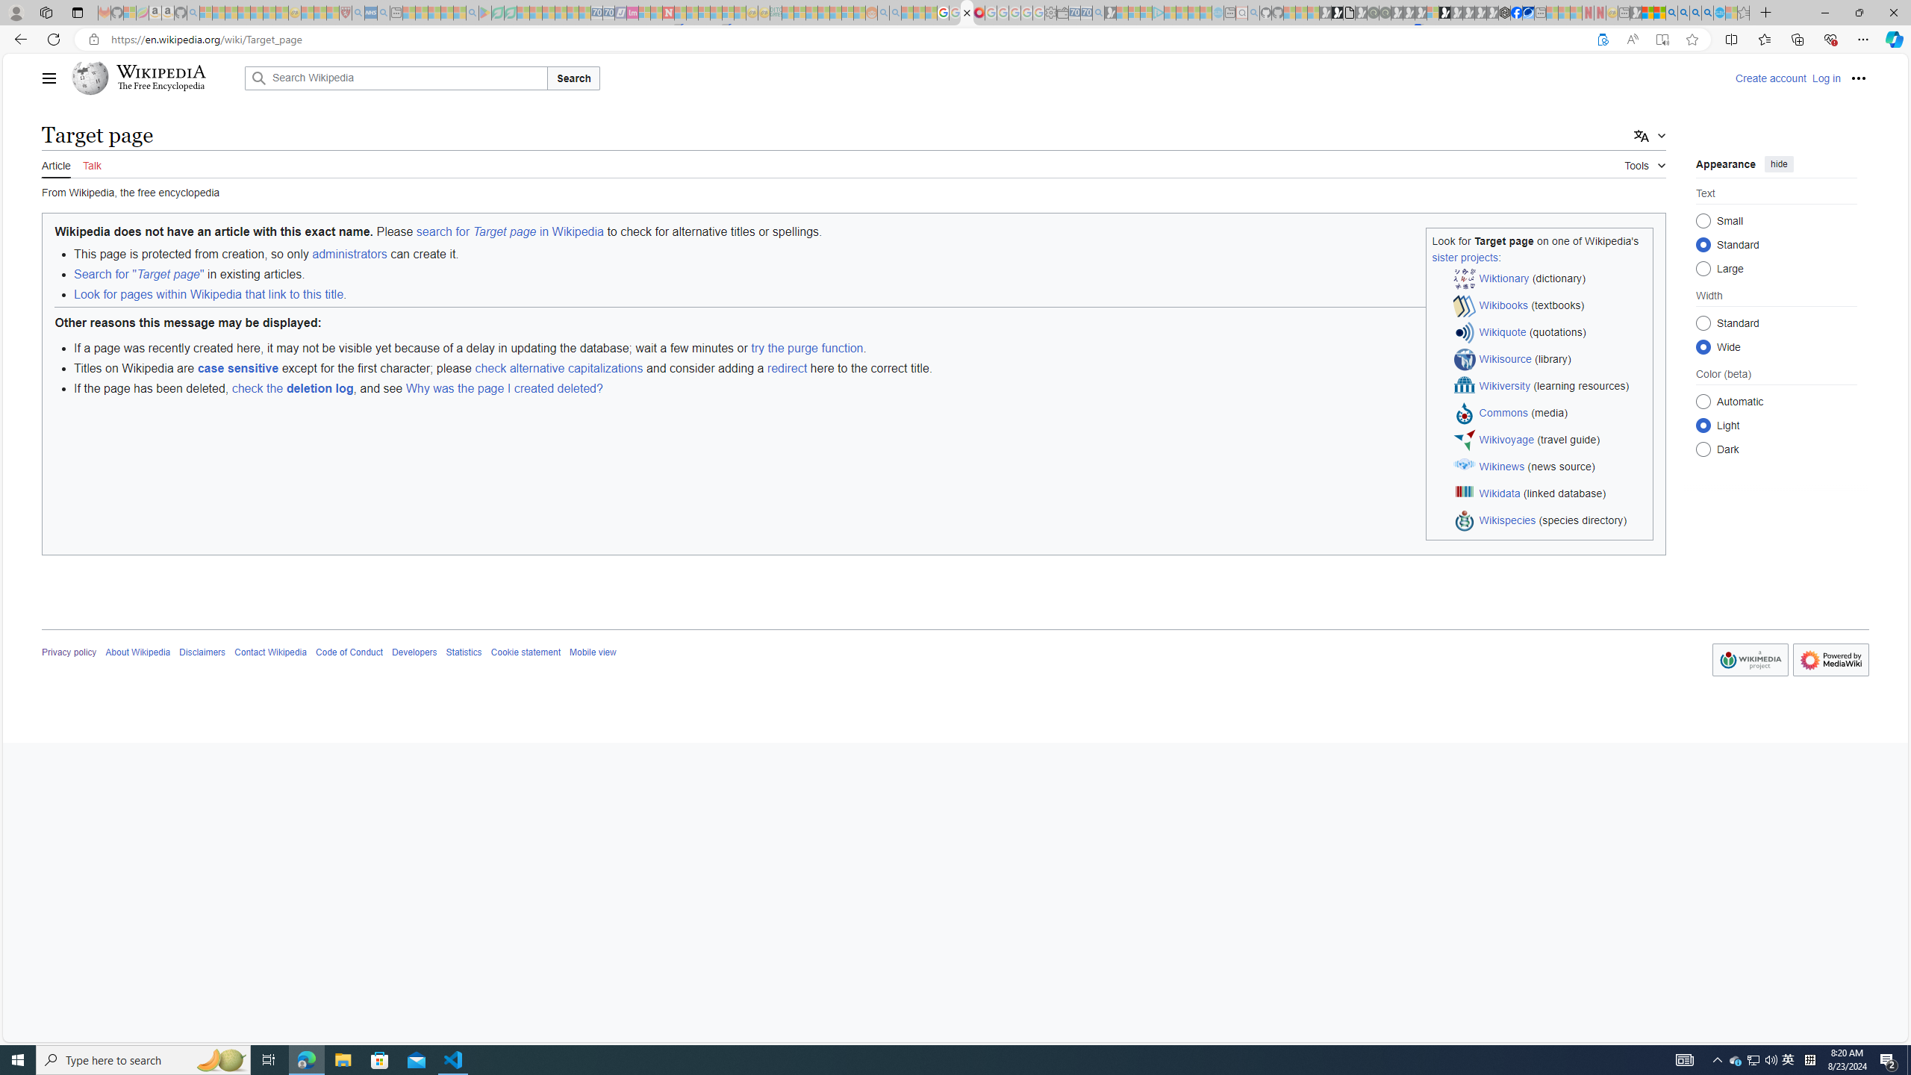 Image resolution: width=1911 pixels, height=1075 pixels. What do you see at coordinates (155, 78) in the screenshot?
I see `'Wikipedia The Free Encyclopedia'` at bounding box center [155, 78].